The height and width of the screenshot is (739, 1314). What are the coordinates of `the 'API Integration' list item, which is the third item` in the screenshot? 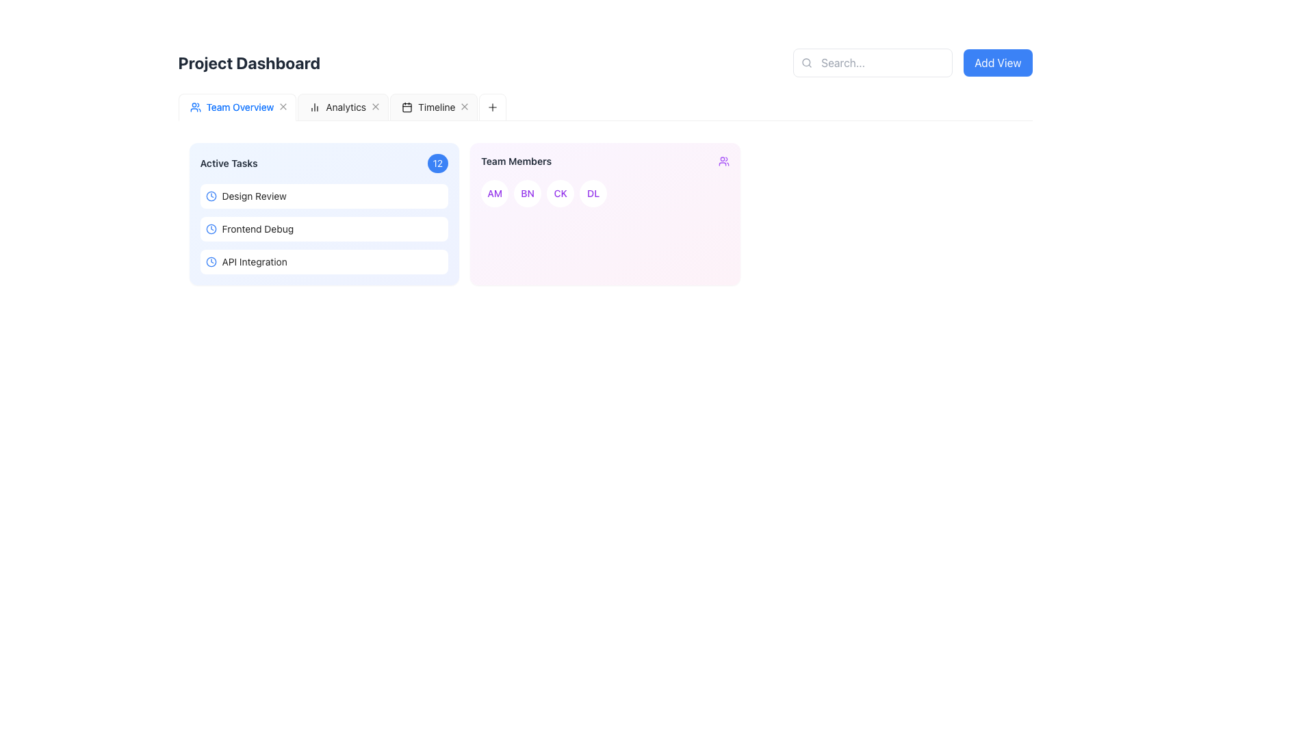 It's located at (323, 261).